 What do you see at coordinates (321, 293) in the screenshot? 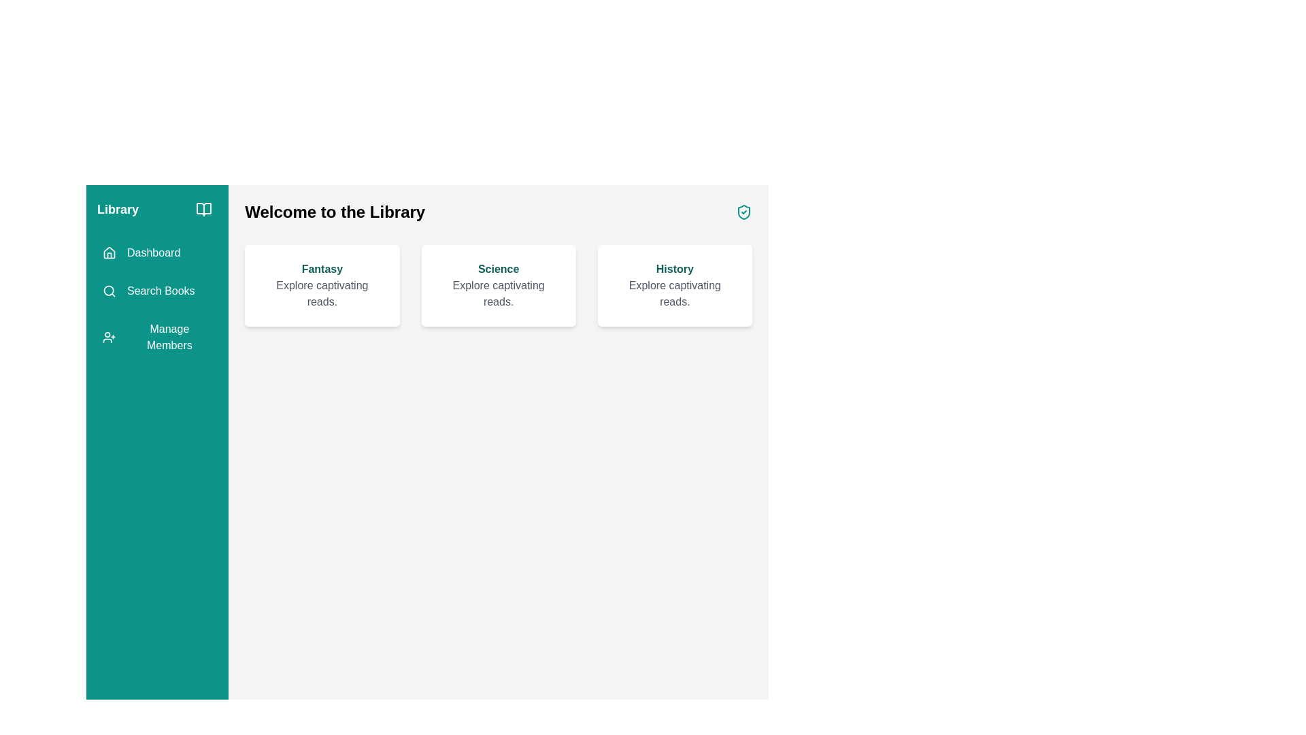
I see `the second text block within the card labeled 'Fantasy', which provides additional context related to the category 'Fantasy'` at bounding box center [321, 293].